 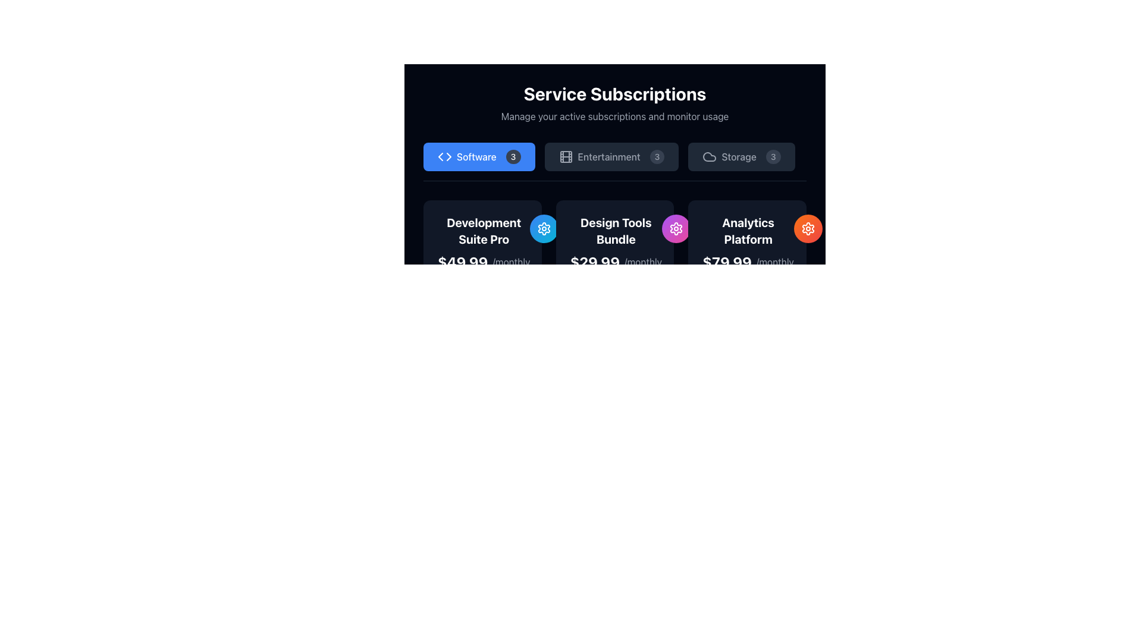 I want to click on pricing information displayed as '$29.99' in a bold, large white font against a dark background, located under the header 'Design Tools Bundle' in the middle column of the layout, so click(x=595, y=261).